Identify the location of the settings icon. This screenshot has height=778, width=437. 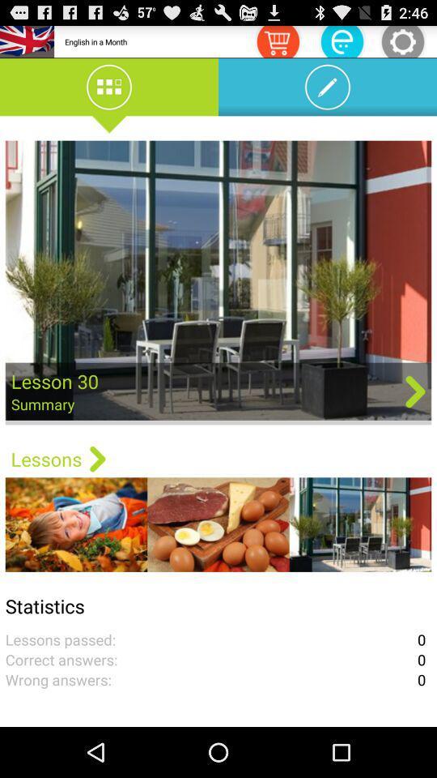
(401, 43).